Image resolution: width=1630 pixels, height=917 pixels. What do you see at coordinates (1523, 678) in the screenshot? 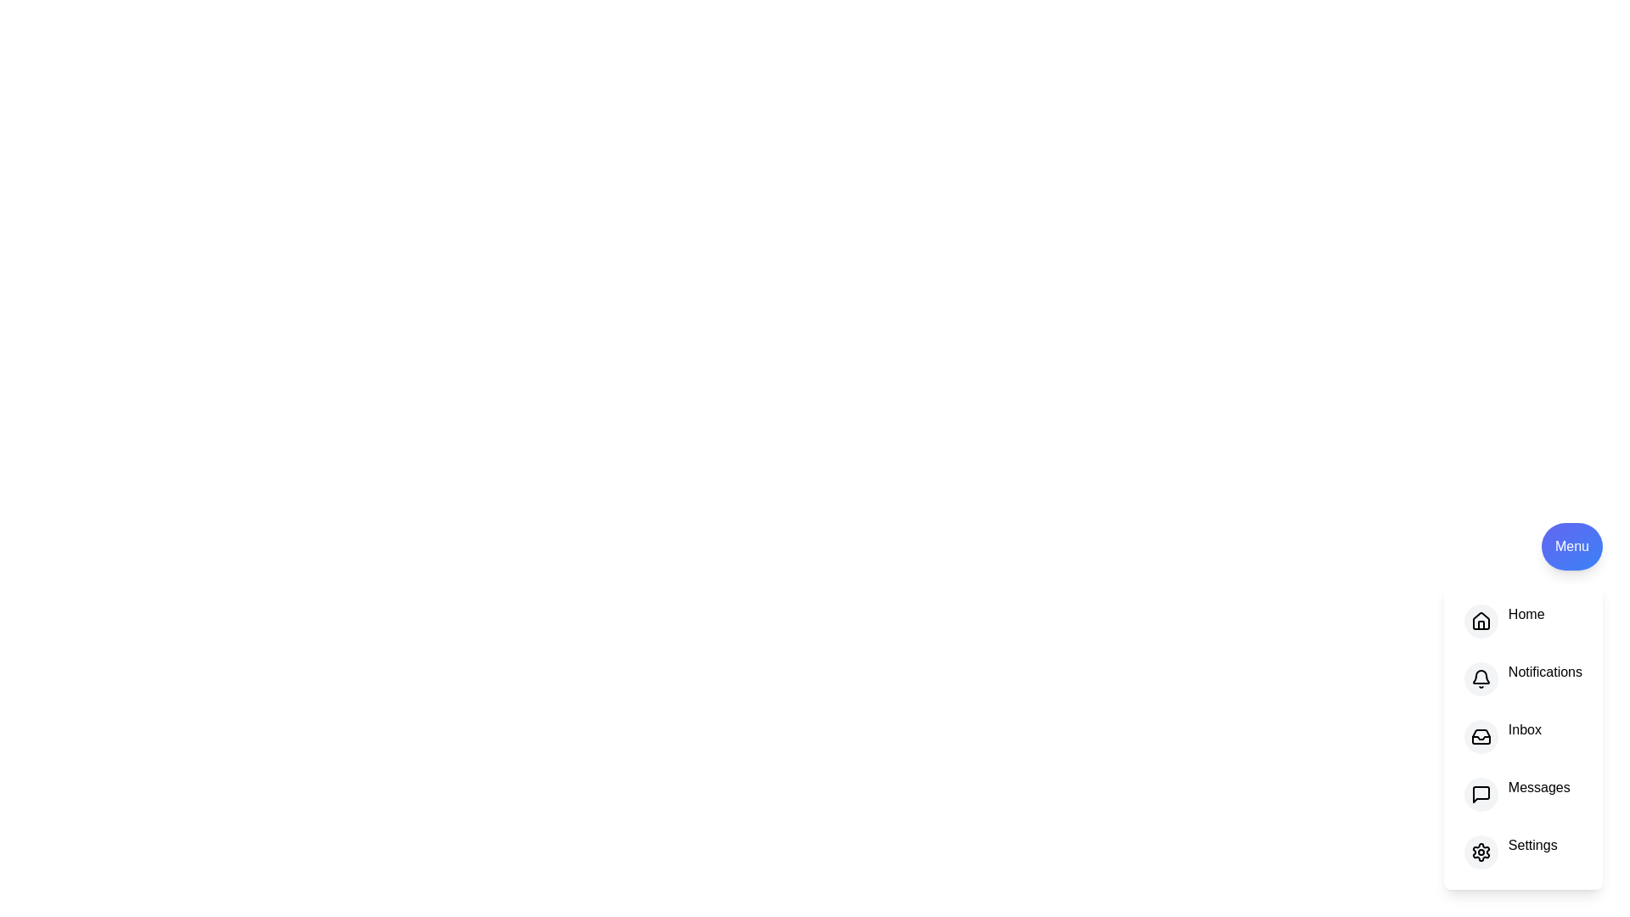
I see `the option Notifications in the menu to see the hover effect` at bounding box center [1523, 678].